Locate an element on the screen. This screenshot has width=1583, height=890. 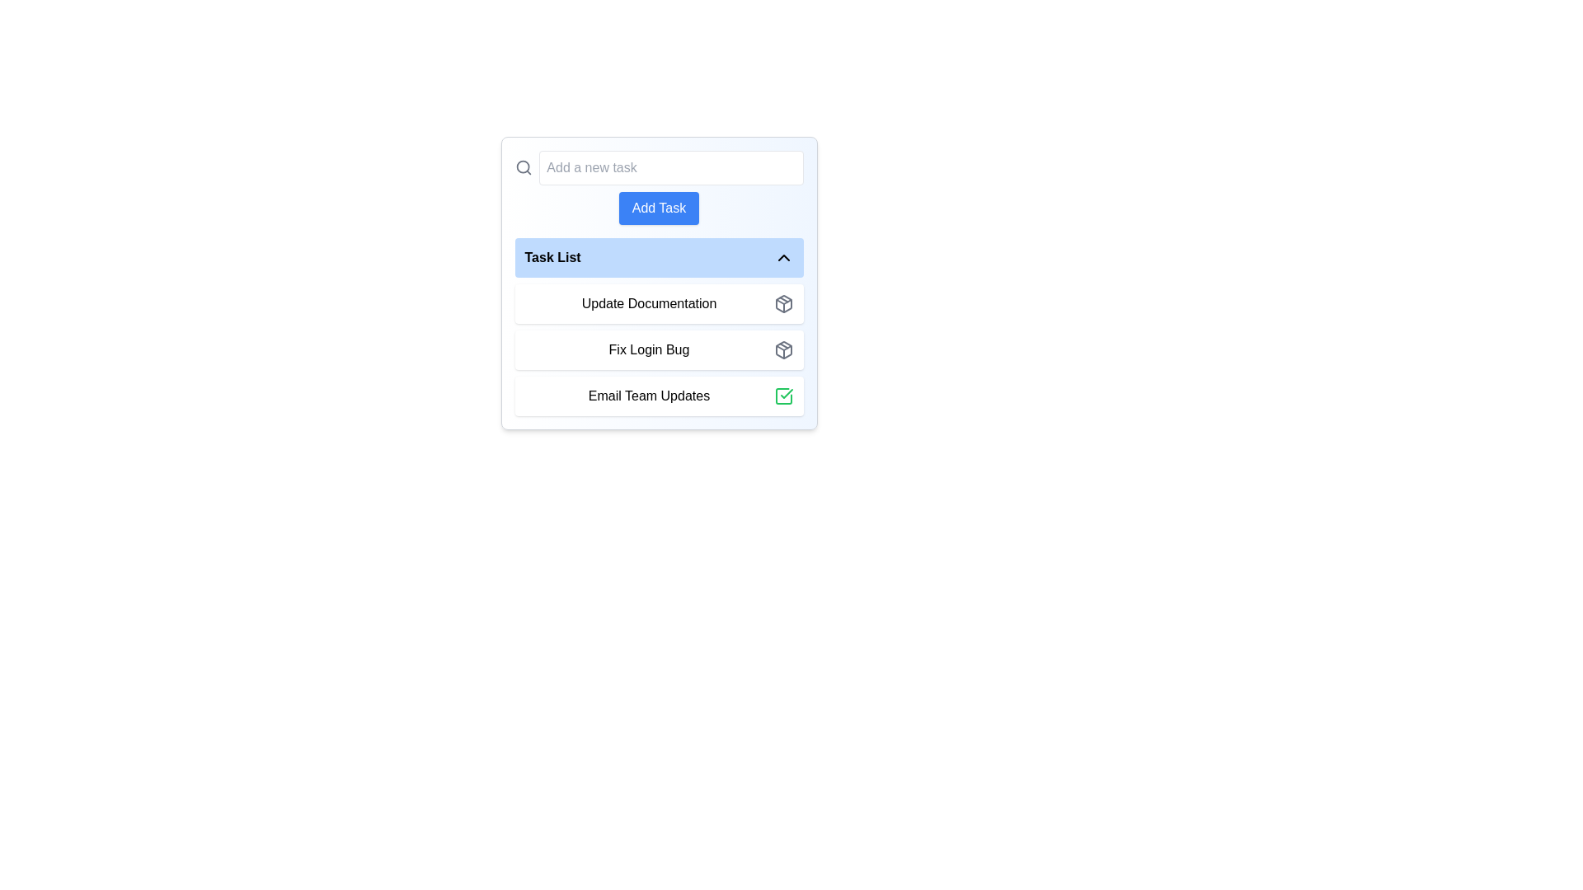
the 'Update Documentation' list item is located at coordinates (658, 304).